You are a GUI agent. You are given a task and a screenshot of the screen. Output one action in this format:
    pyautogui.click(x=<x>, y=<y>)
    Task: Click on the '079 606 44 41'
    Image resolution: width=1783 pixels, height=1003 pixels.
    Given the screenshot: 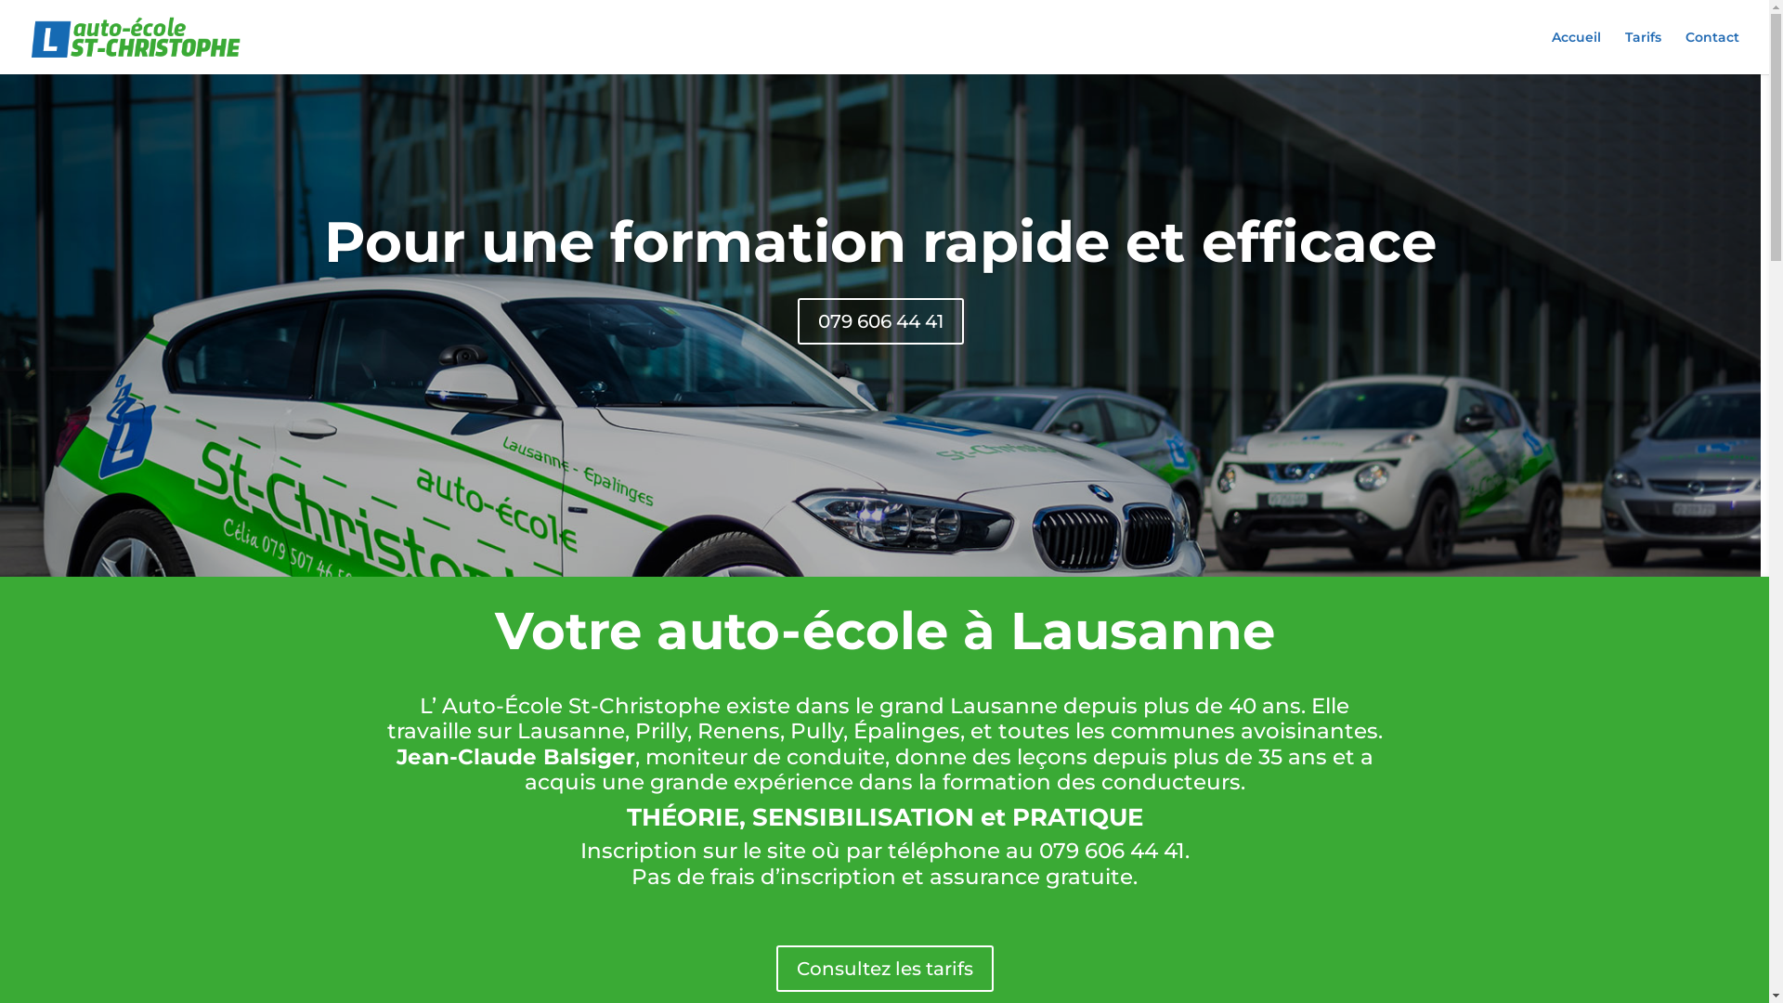 What is the action you would take?
    pyautogui.click(x=797, y=320)
    